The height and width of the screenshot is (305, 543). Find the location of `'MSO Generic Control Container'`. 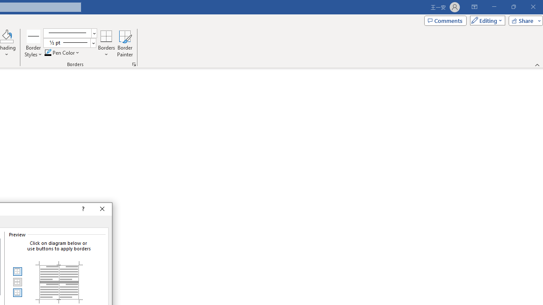

'MSO Generic Control Container' is located at coordinates (17, 272).